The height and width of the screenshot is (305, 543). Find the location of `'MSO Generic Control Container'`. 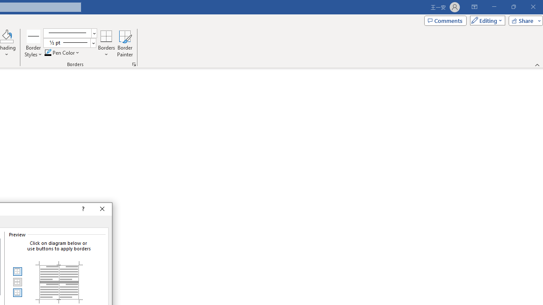

'MSO Generic Control Container' is located at coordinates (17, 272).